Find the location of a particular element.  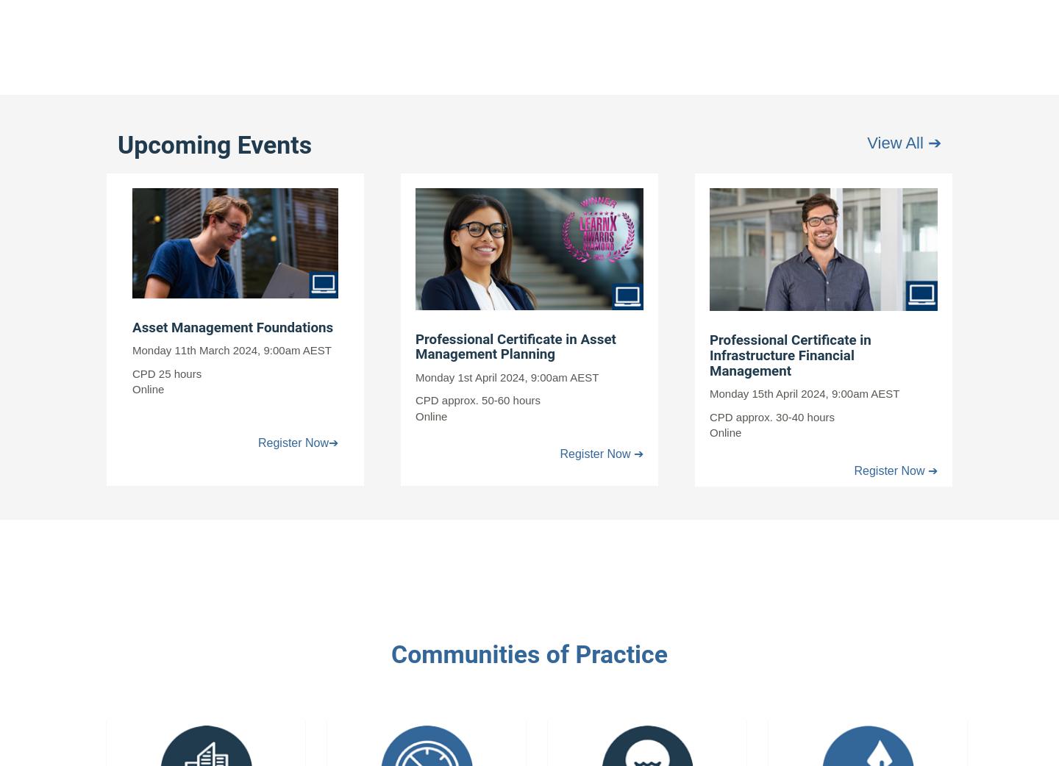

'Monday 1st April 2024, 9:00am AEST' is located at coordinates (507, 376).